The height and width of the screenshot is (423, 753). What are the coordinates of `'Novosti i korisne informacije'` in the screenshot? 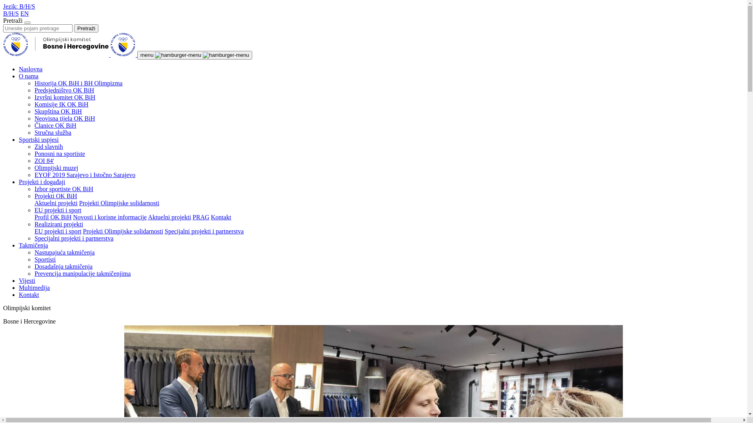 It's located at (73, 217).